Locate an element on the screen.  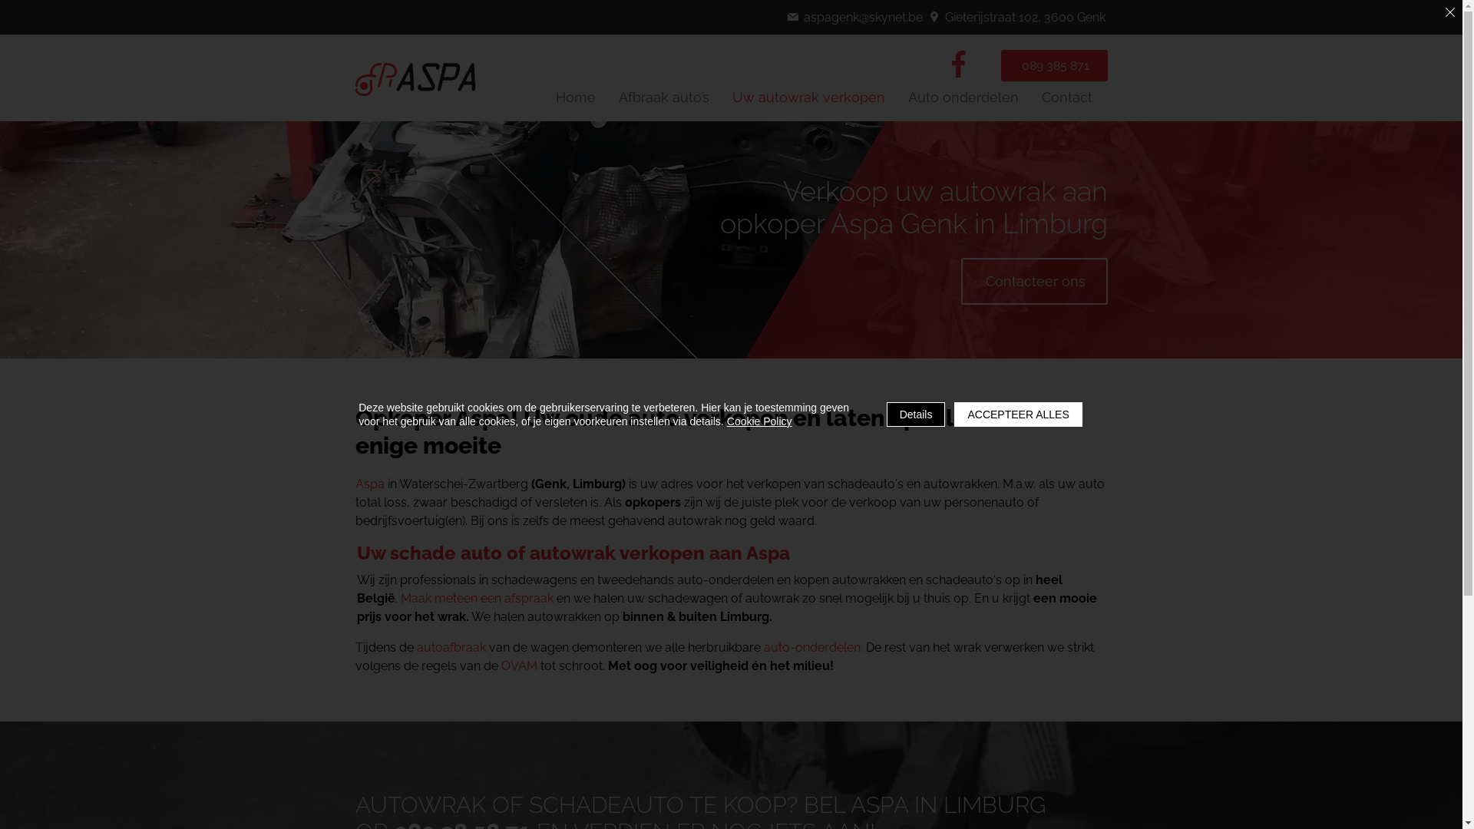
'Uw autowrak verkopen' is located at coordinates (724, 97).